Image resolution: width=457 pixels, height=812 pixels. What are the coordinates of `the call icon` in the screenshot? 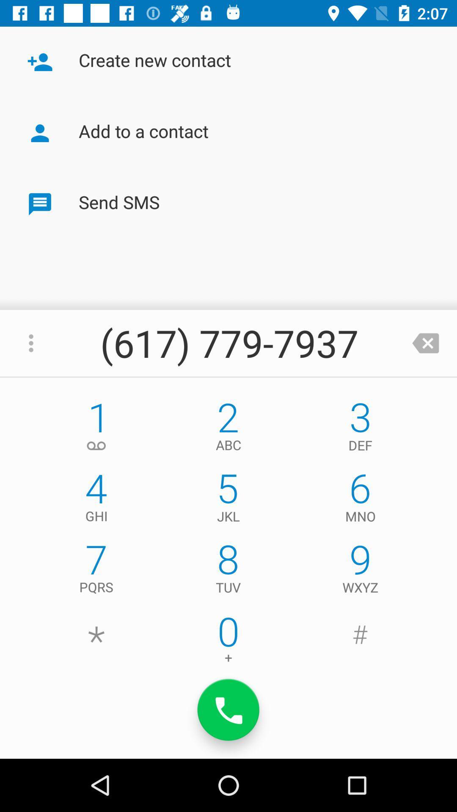 It's located at (228, 710).